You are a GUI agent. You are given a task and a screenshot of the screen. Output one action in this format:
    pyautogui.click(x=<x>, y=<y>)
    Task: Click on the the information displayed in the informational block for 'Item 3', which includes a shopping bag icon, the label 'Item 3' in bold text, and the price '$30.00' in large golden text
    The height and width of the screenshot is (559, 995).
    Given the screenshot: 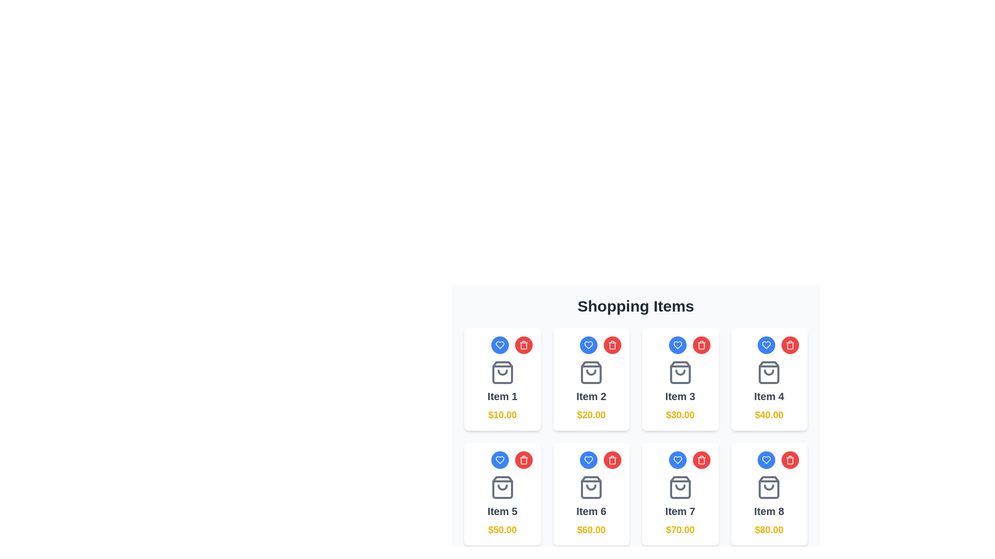 What is the action you would take?
    pyautogui.click(x=680, y=391)
    